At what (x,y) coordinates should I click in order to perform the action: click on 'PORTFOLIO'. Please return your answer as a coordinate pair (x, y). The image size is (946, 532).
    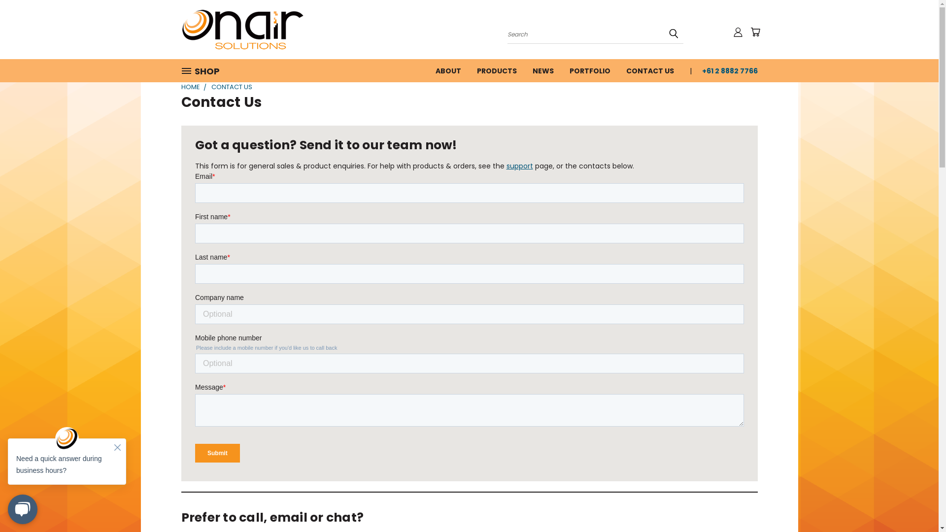
    Looking at the image, I should click on (562, 69).